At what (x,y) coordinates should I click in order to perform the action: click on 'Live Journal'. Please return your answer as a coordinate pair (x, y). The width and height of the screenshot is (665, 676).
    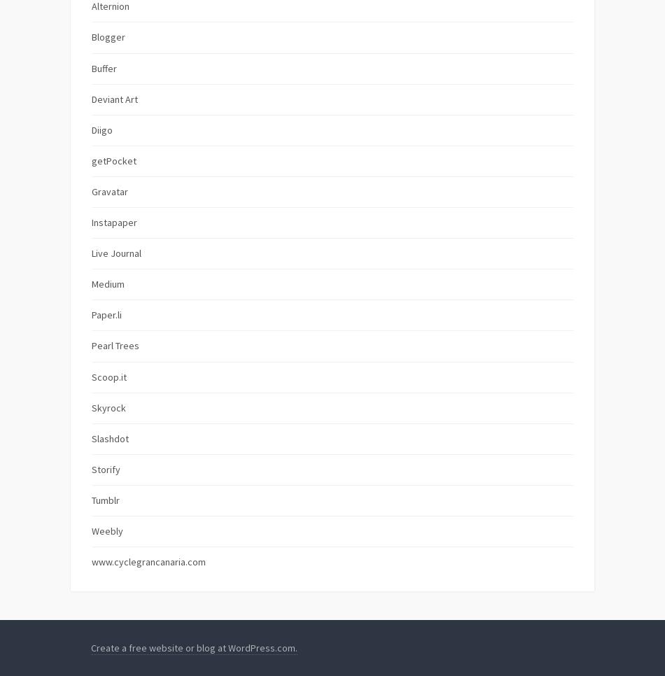
    Looking at the image, I should click on (92, 252).